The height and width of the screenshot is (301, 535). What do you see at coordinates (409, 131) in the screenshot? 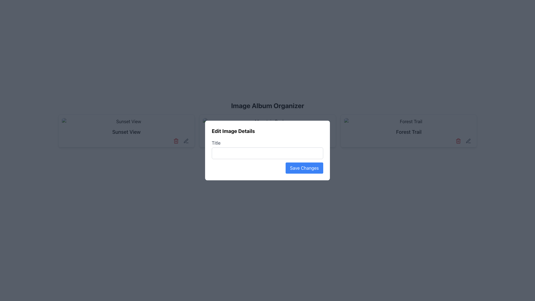
I see `the visually distinctive card representing the 'Forest Trail' album, which is the last card in a horizontal arrangement of three cards inside a grid layout` at bounding box center [409, 131].